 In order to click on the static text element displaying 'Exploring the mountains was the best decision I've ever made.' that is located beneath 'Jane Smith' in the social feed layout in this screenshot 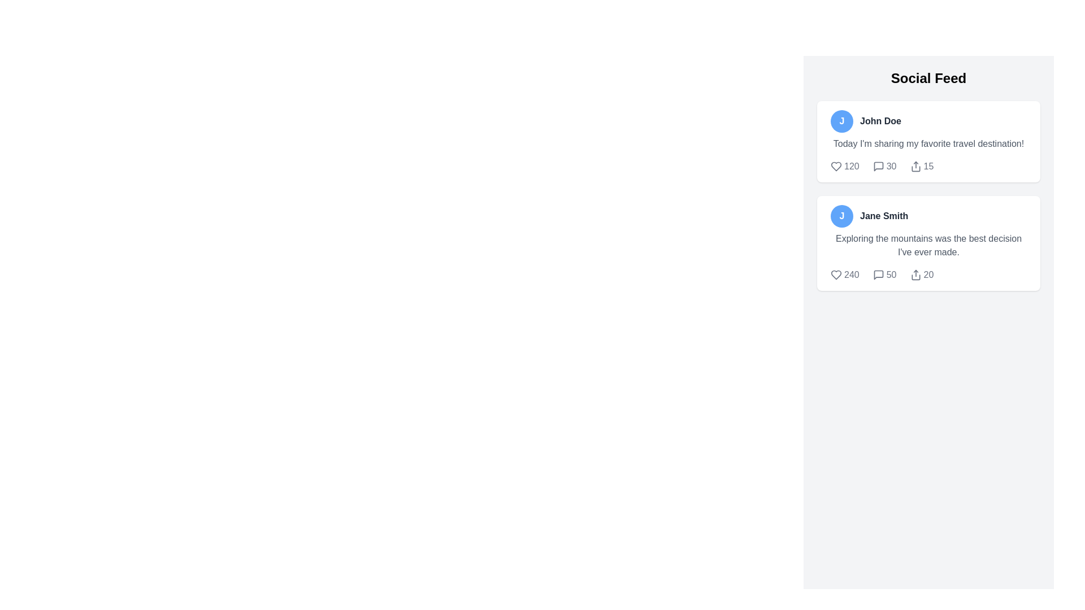, I will do `click(928, 245)`.